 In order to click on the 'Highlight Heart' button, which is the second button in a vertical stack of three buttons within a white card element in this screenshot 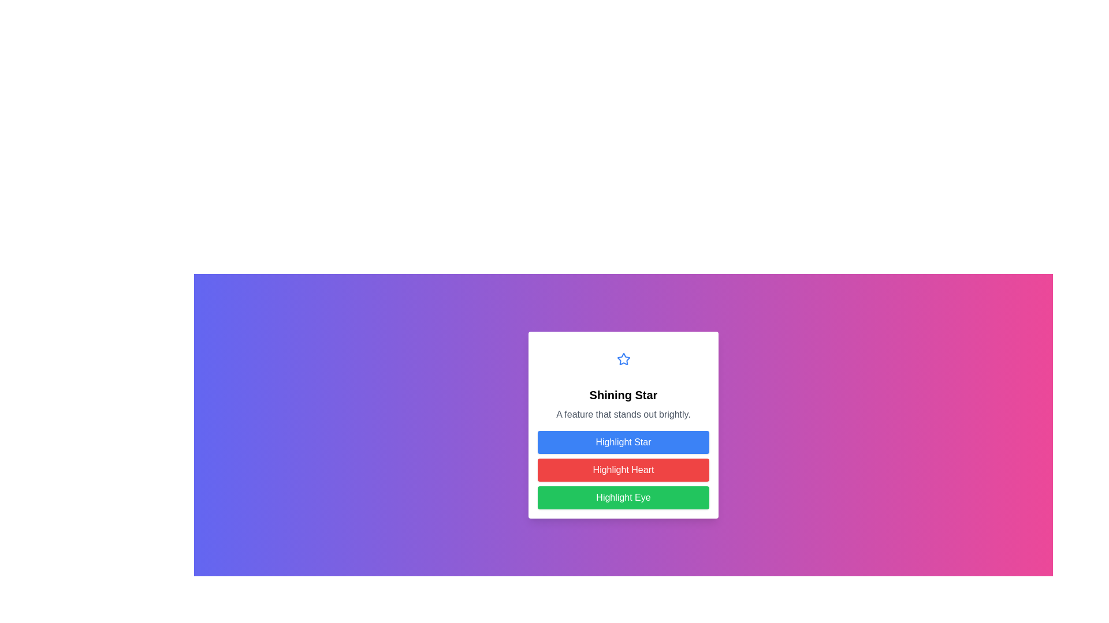, I will do `click(623, 470)`.